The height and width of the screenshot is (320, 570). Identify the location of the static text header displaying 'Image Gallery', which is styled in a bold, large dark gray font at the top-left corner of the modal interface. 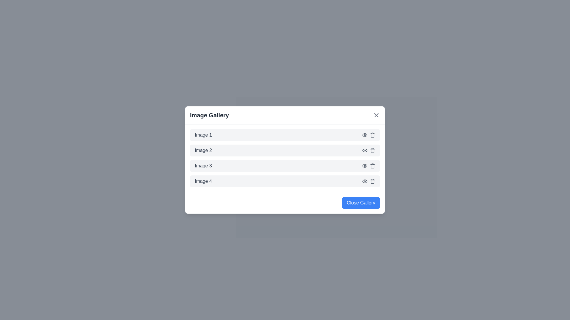
(209, 115).